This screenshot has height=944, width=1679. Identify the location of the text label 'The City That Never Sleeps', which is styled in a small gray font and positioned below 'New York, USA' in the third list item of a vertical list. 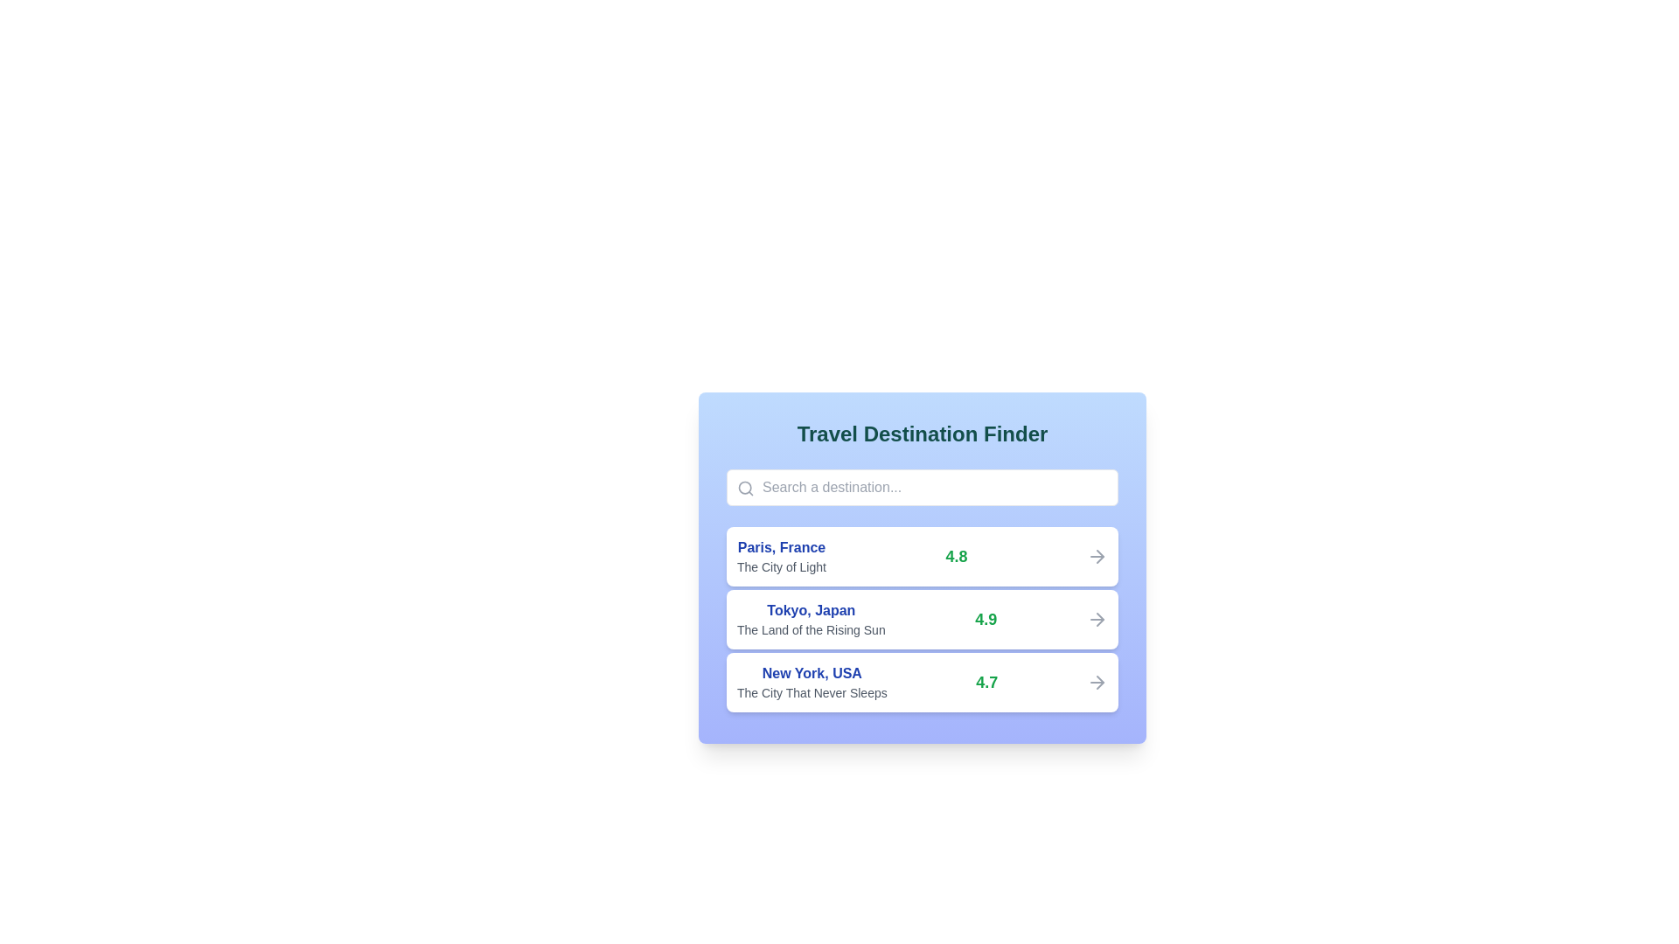
(811, 692).